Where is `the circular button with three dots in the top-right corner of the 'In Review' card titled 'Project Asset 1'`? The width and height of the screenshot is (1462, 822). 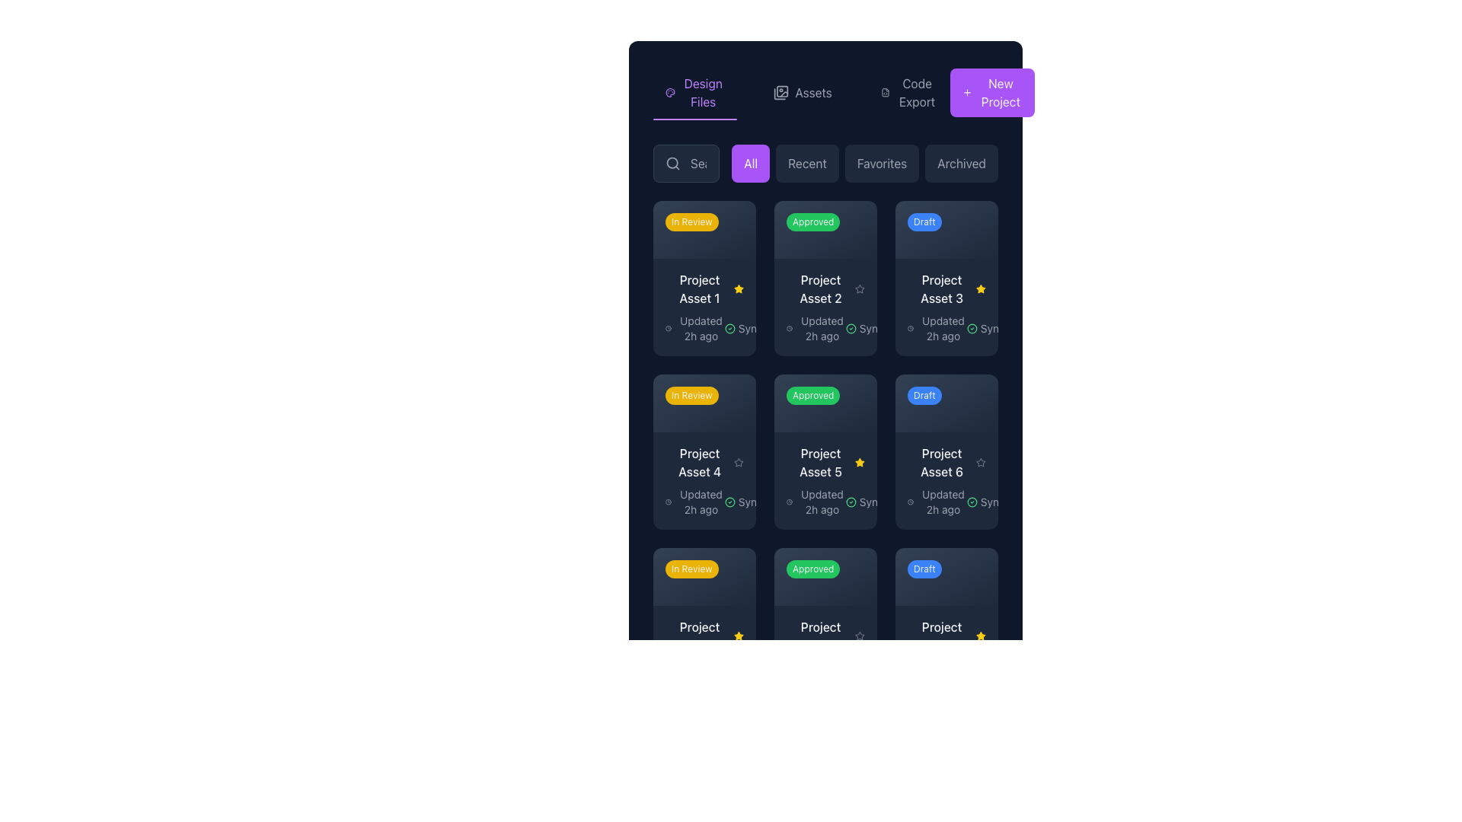 the circular button with three dots in the top-right corner of the 'In Review' card titled 'Project Asset 1' is located at coordinates (731, 225).